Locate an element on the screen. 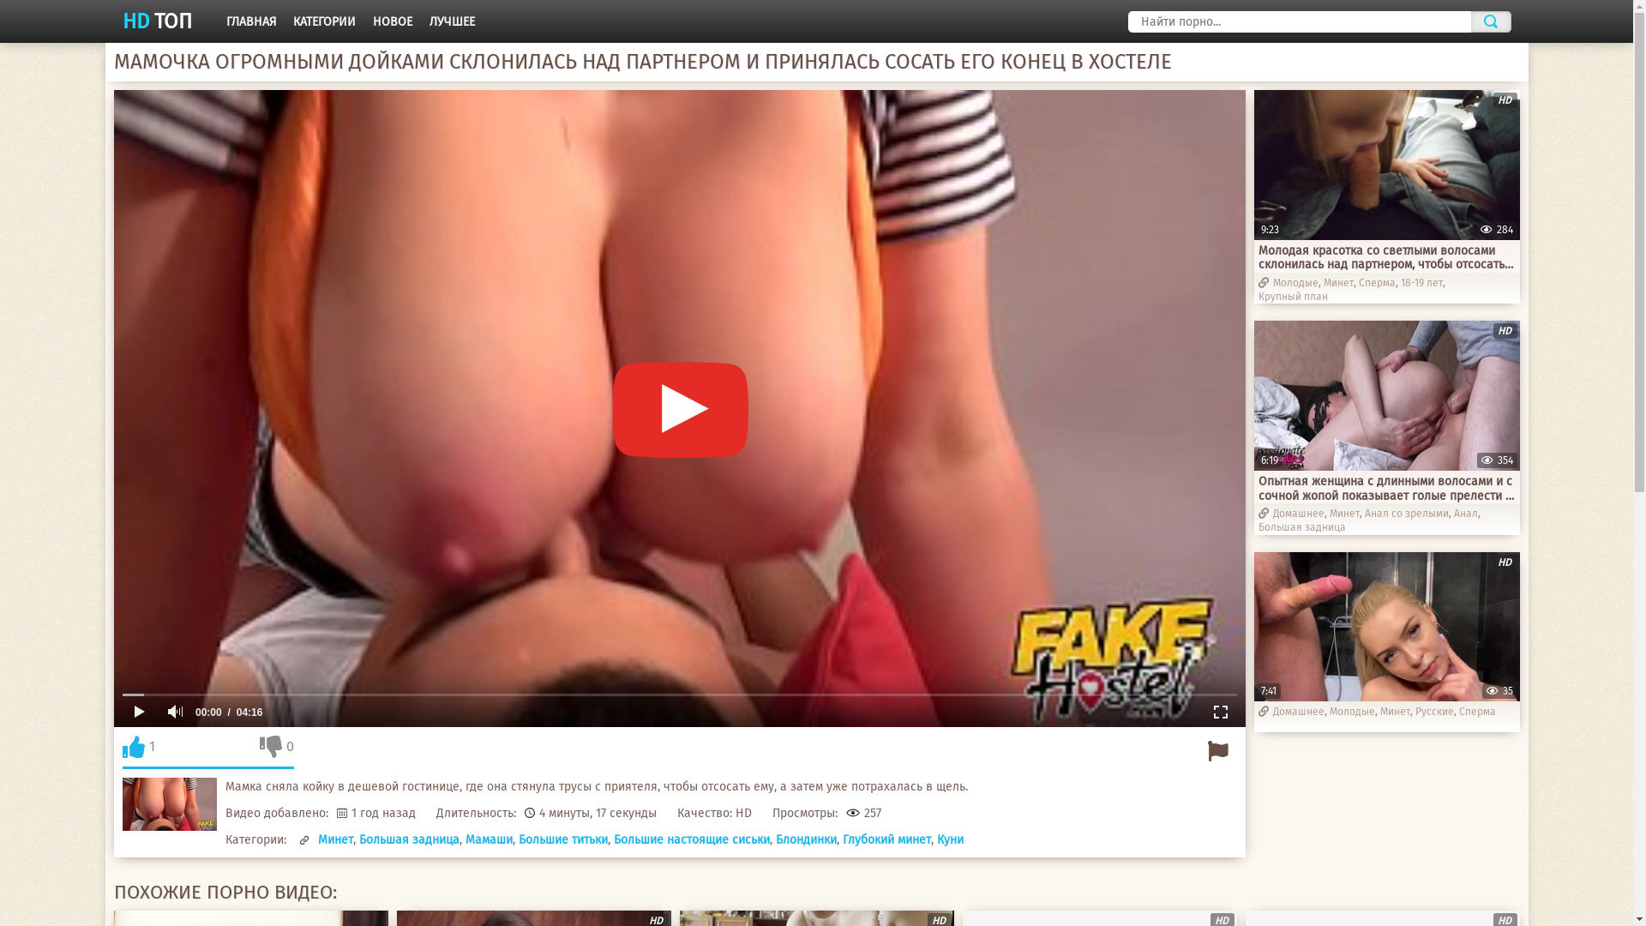  'HD is located at coordinates (1386, 627).